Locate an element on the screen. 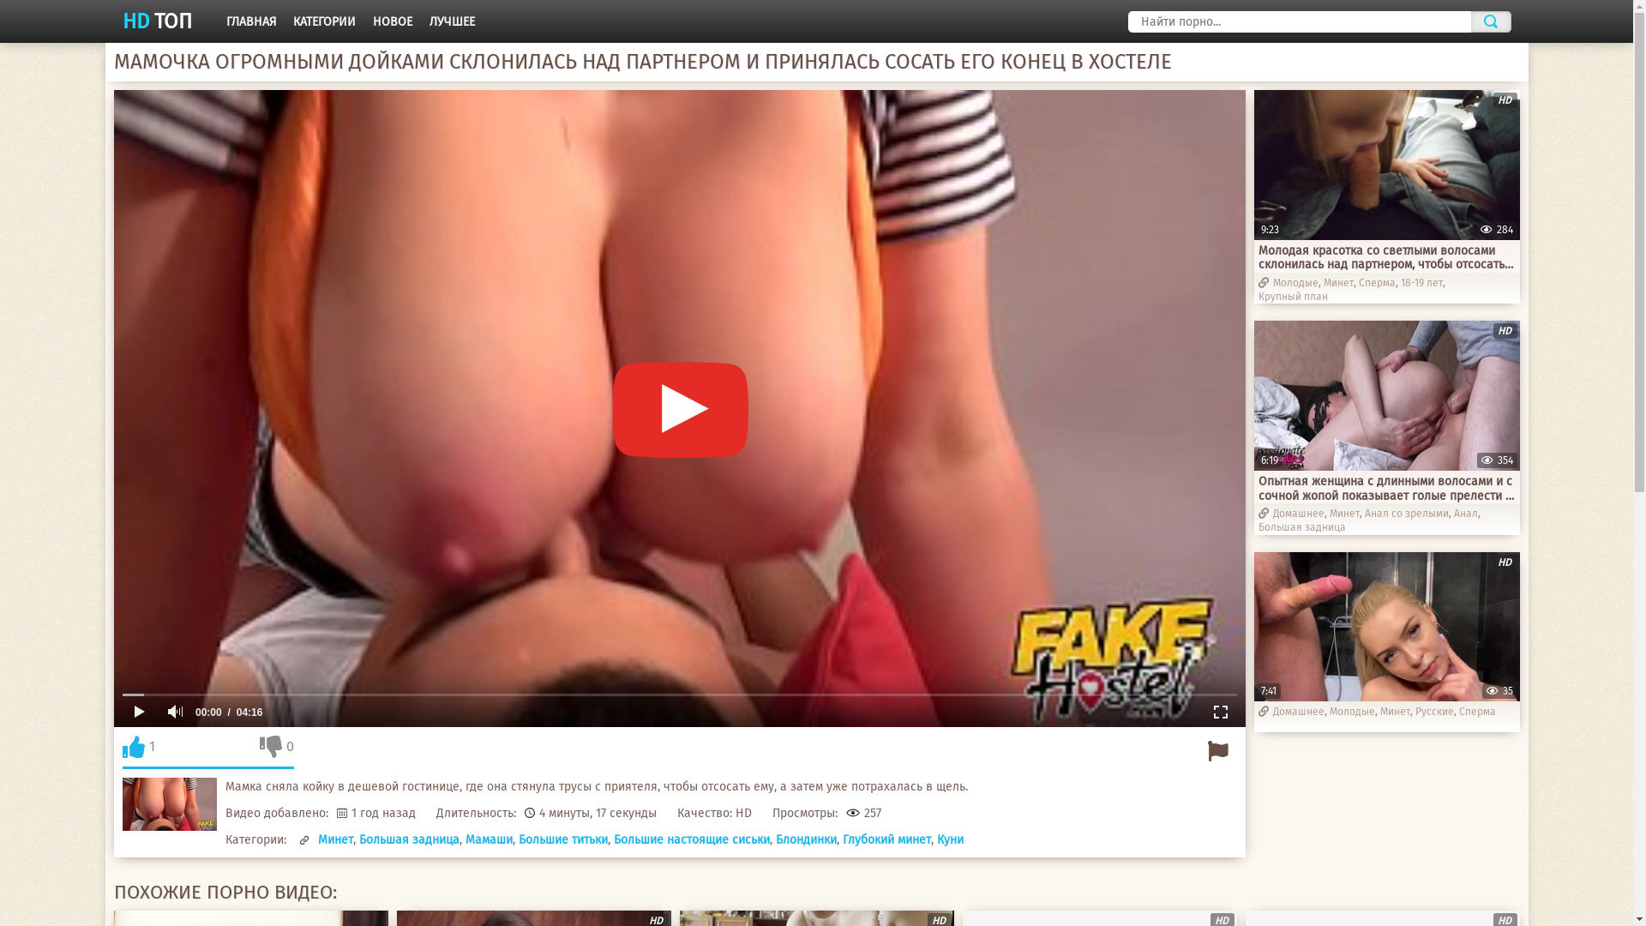  'HD is located at coordinates (1386, 627).